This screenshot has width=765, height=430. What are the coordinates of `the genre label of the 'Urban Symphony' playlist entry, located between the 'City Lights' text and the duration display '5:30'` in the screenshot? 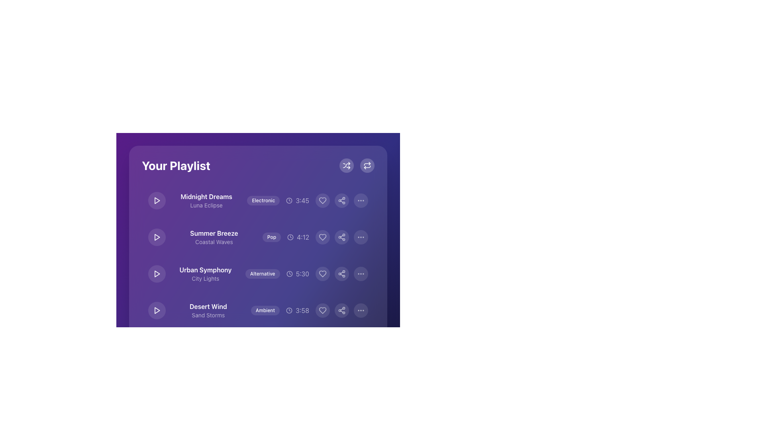 It's located at (263, 273).